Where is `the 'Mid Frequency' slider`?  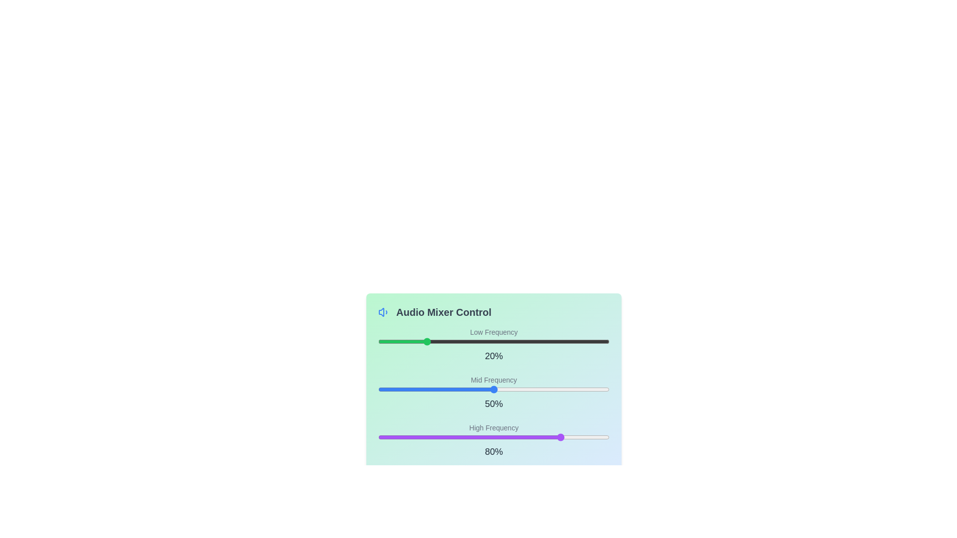
the 'Mid Frequency' slider is located at coordinates (507, 389).